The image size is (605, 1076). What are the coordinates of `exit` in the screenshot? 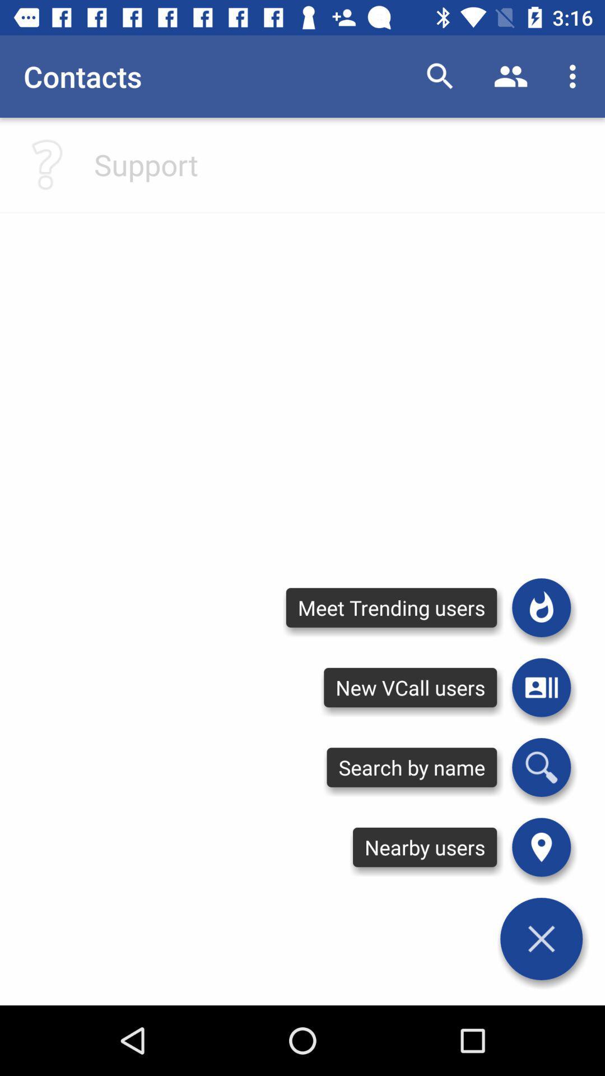 It's located at (541, 939).